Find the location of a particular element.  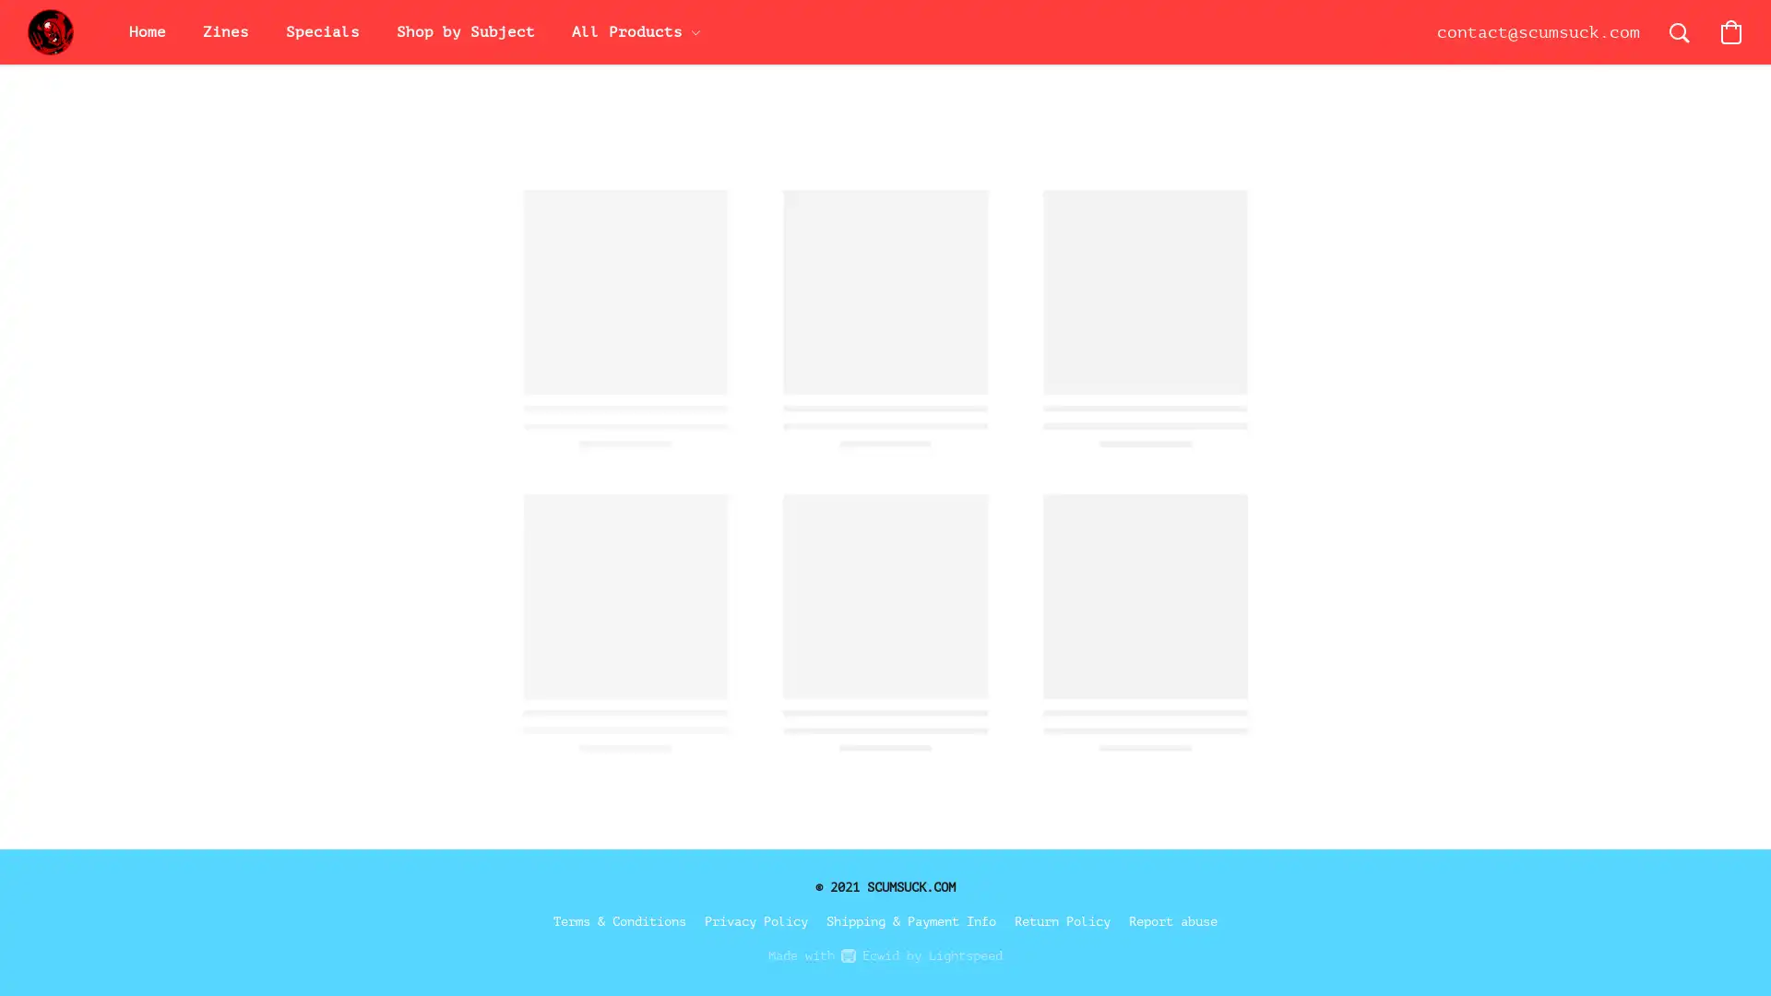

Save this product for later is located at coordinates (1144, 561).